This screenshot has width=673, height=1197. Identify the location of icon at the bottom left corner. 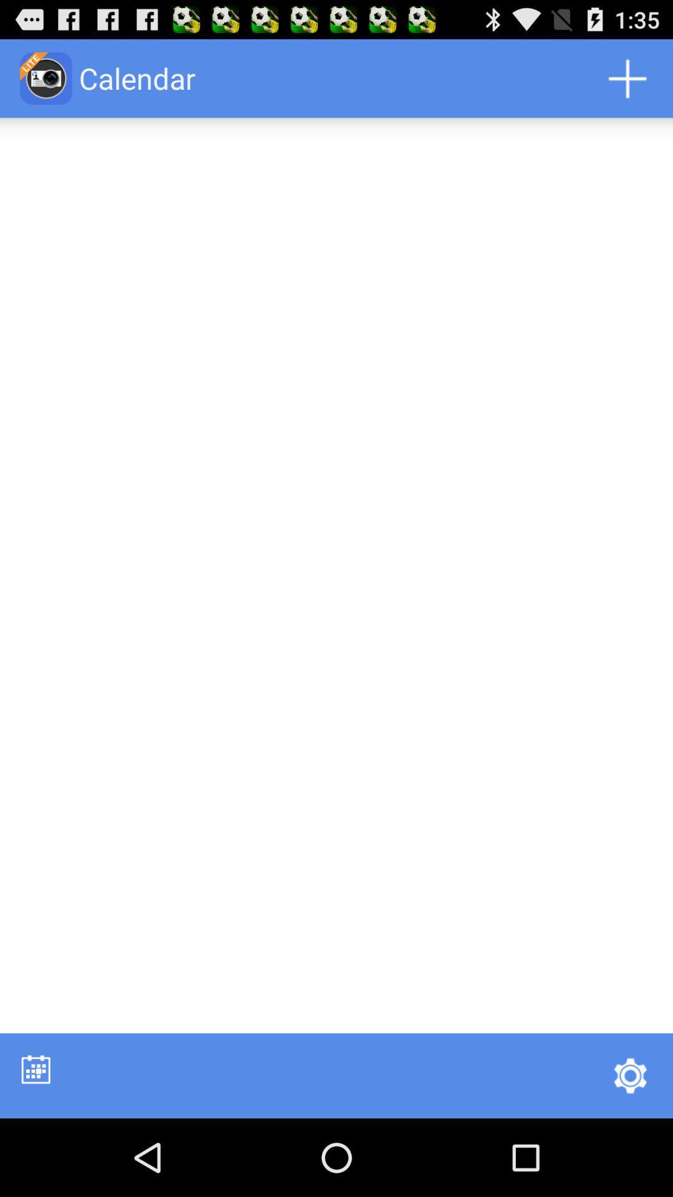
(35, 1069).